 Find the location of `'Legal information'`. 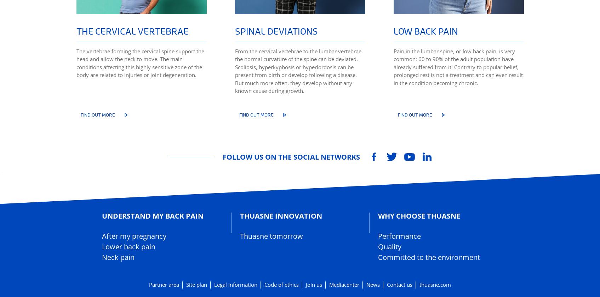

'Legal information' is located at coordinates (235, 285).